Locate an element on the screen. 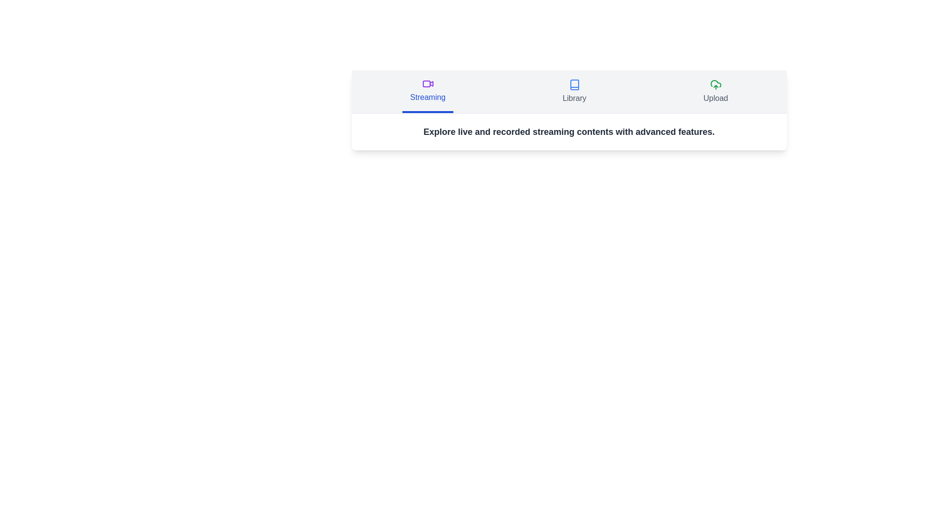  the Streaming tab is located at coordinates (427, 92).